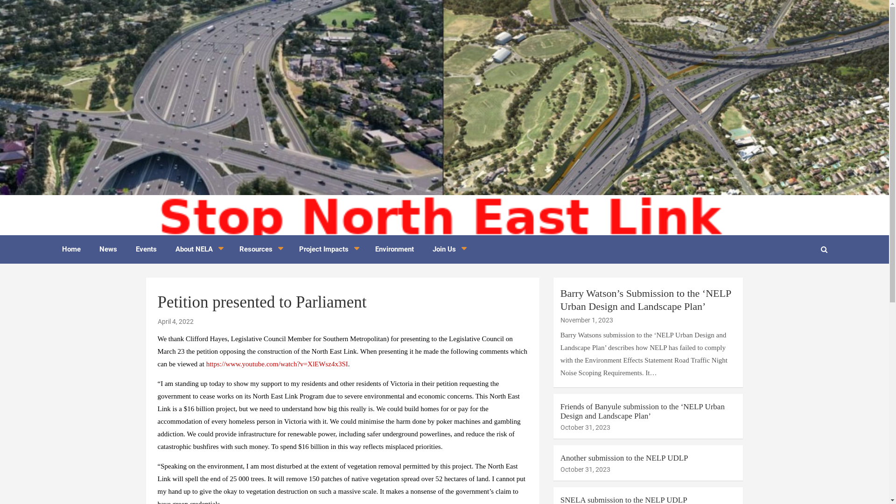  I want to click on 'News', so click(107, 249).